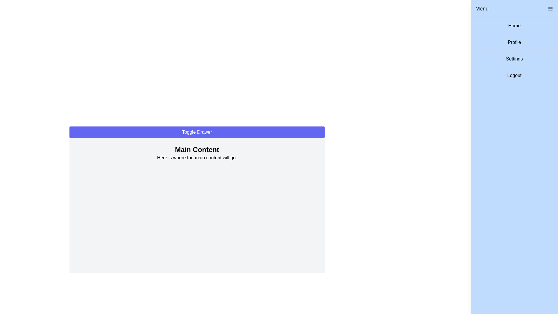 This screenshot has width=558, height=314. What do you see at coordinates (197, 132) in the screenshot?
I see `the button at the top of the main content area` at bounding box center [197, 132].